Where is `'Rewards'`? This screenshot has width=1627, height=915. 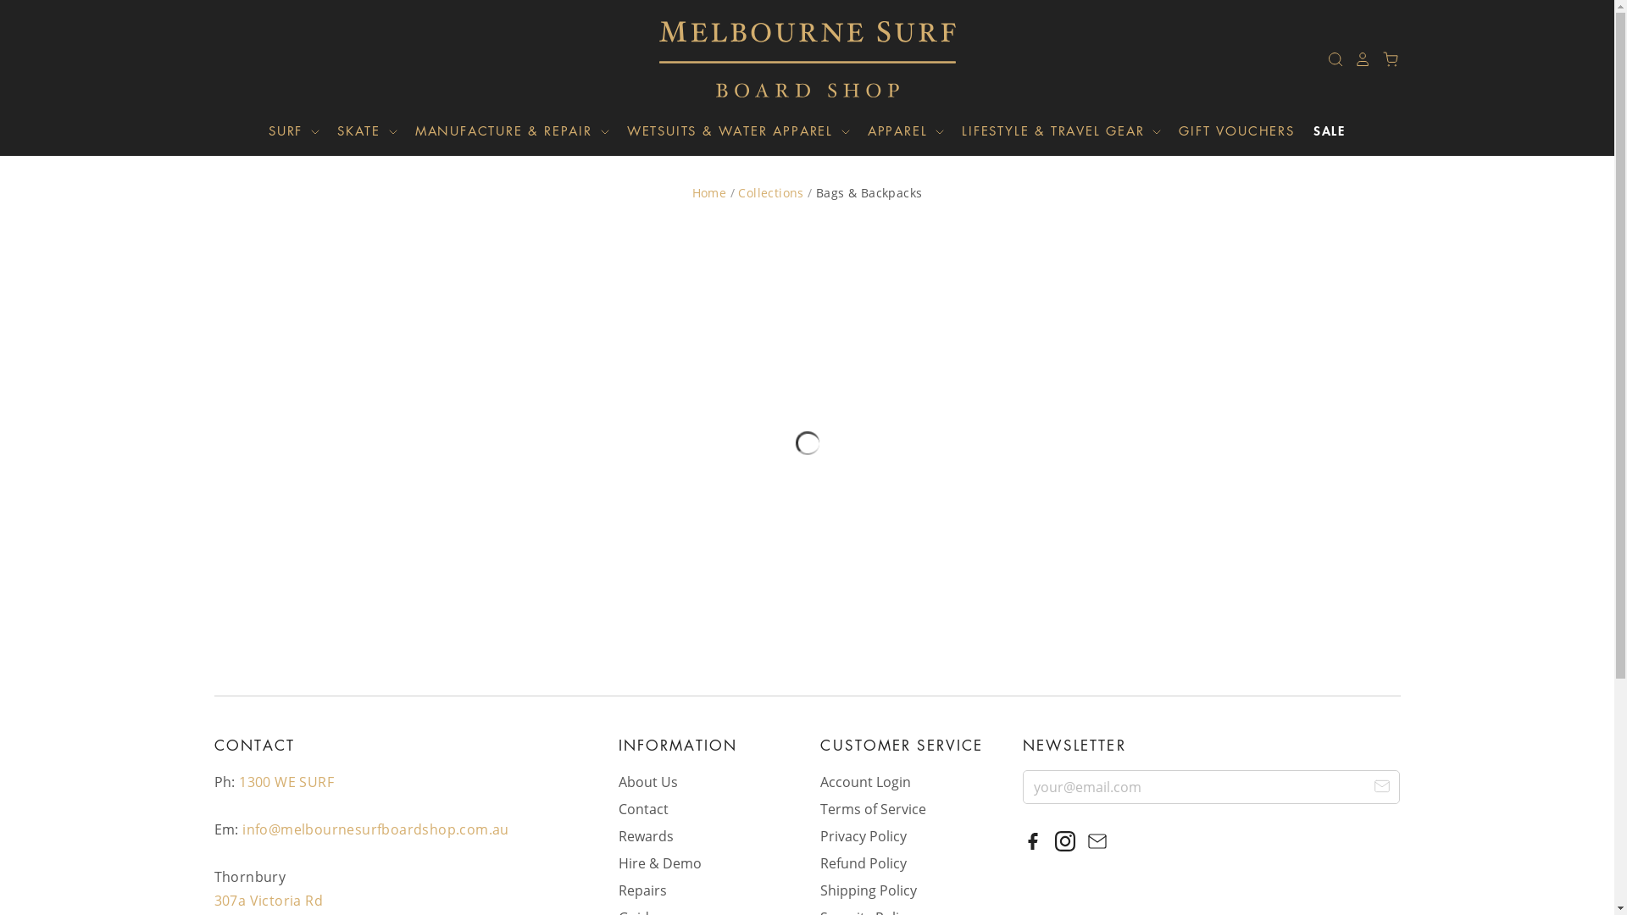
'Rewards' is located at coordinates (645, 835).